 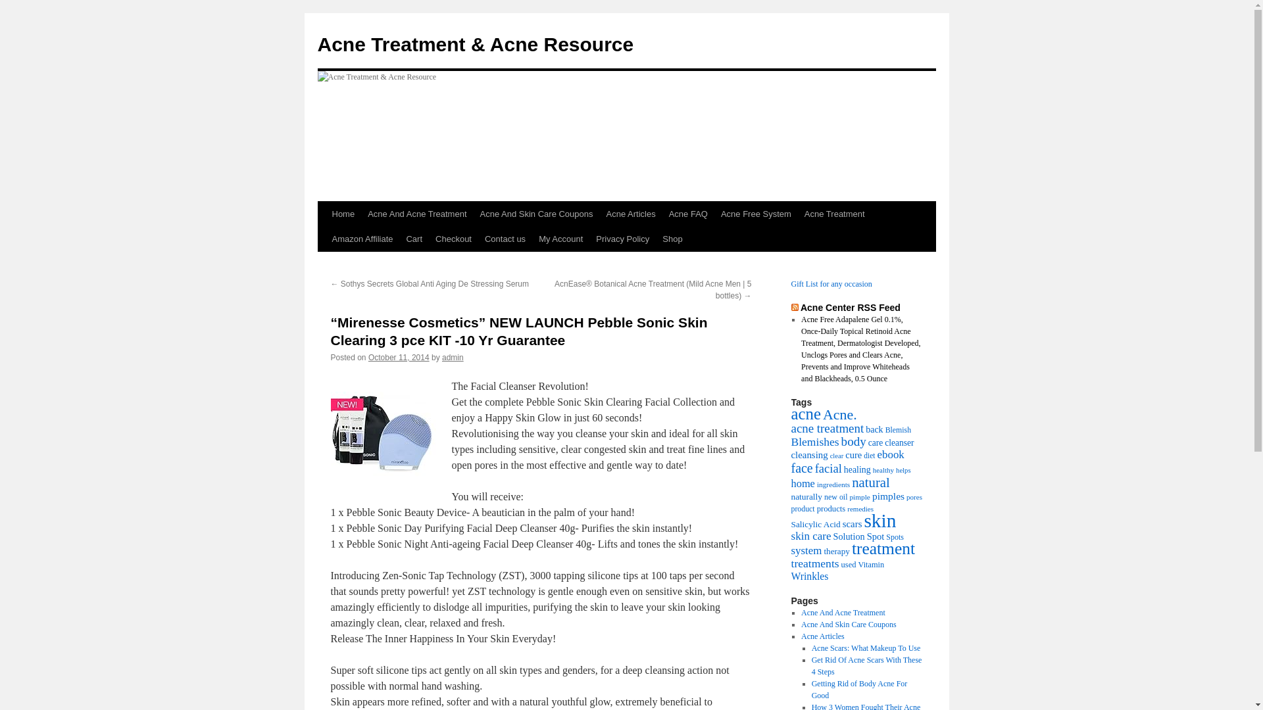 I want to click on 'pimple', so click(x=859, y=497).